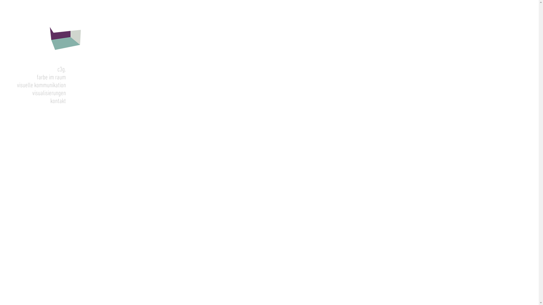  What do you see at coordinates (33, 86) in the screenshot?
I see `'visuelle kommunikation'` at bounding box center [33, 86].